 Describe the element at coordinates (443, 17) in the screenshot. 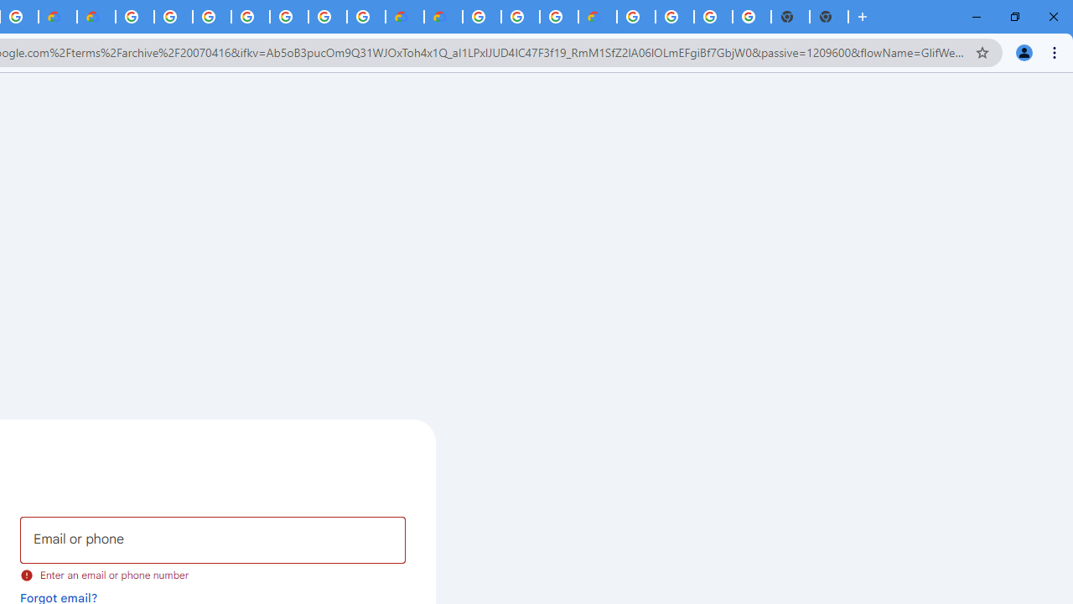

I see `'Google Cloud Estimate Summary'` at that location.